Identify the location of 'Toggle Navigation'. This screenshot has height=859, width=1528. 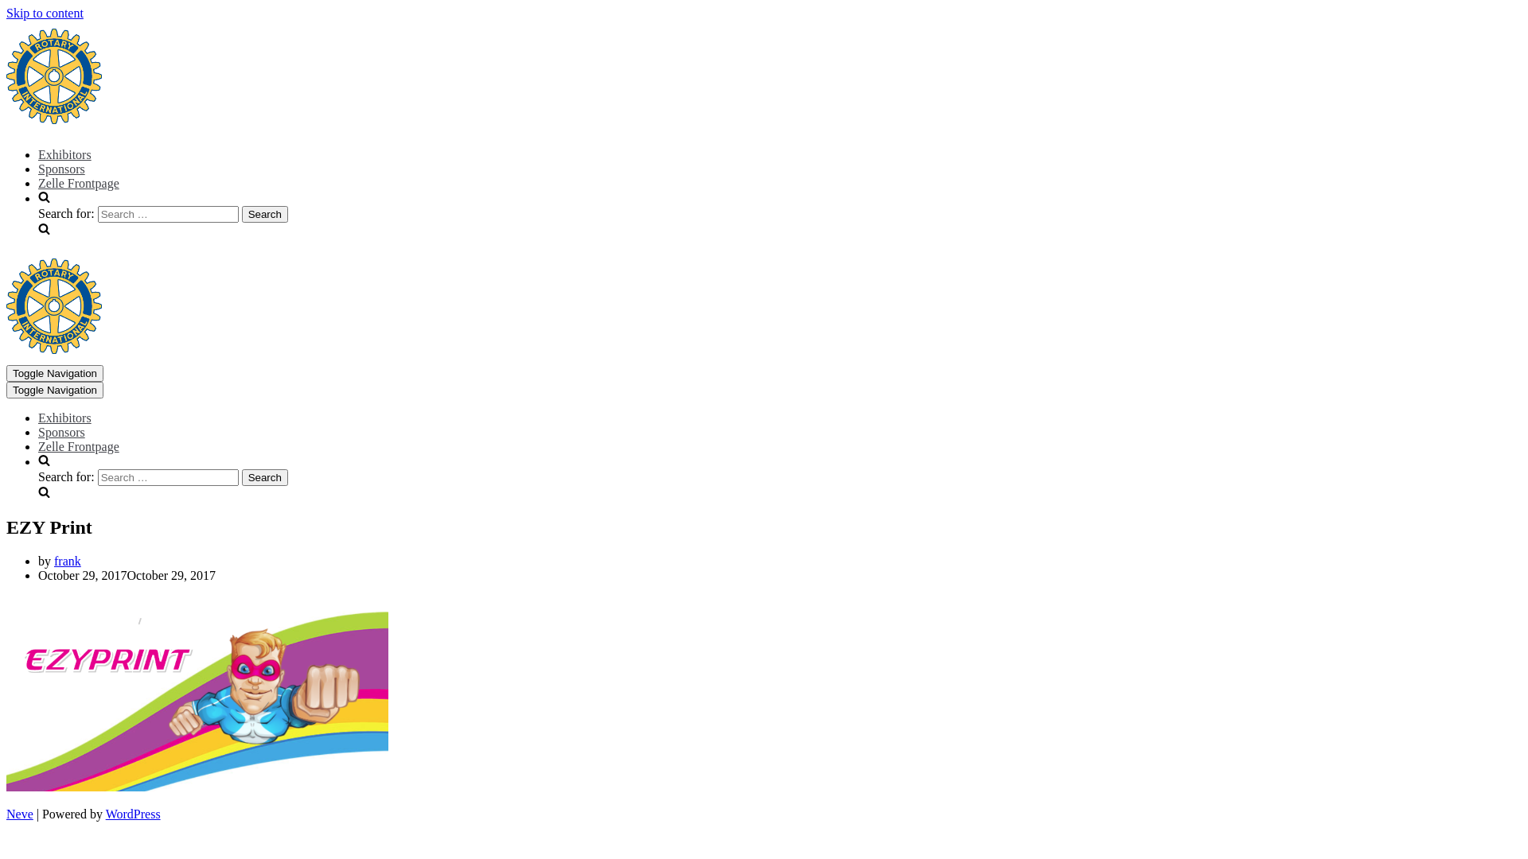
(54, 390).